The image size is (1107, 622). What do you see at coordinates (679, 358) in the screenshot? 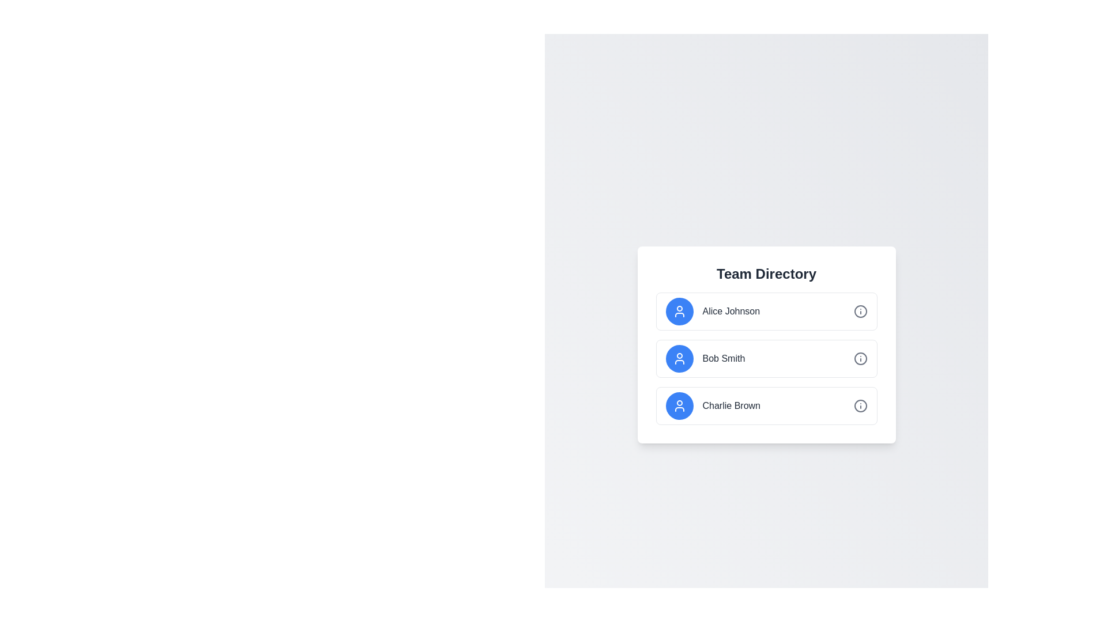
I see `the changes in appearance of the user icon representing Bob Smith when hovering over it` at bounding box center [679, 358].